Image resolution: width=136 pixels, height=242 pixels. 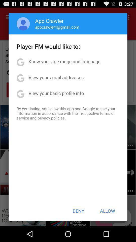 What do you see at coordinates (64, 61) in the screenshot?
I see `know your age item` at bounding box center [64, 61].